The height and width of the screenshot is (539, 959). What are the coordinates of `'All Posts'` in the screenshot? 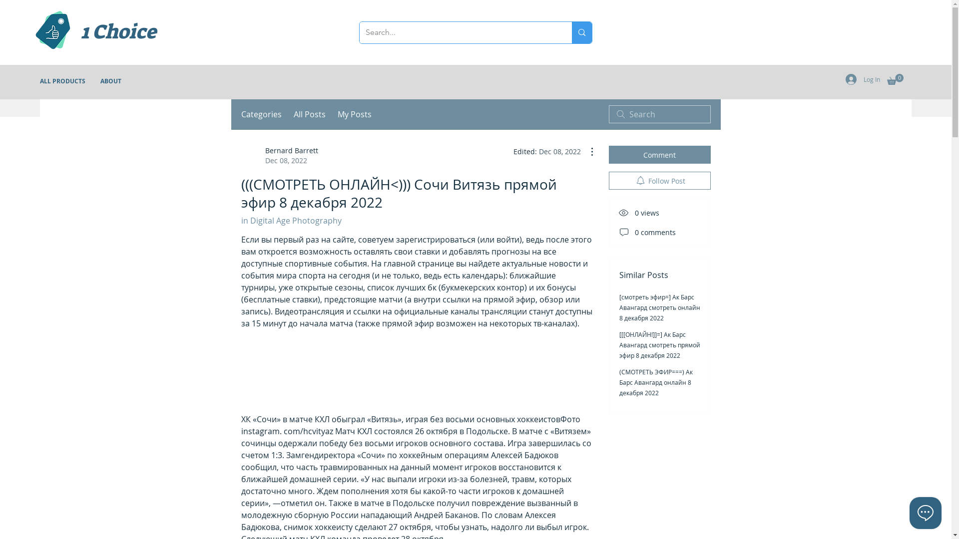 It's located at (309, 113).